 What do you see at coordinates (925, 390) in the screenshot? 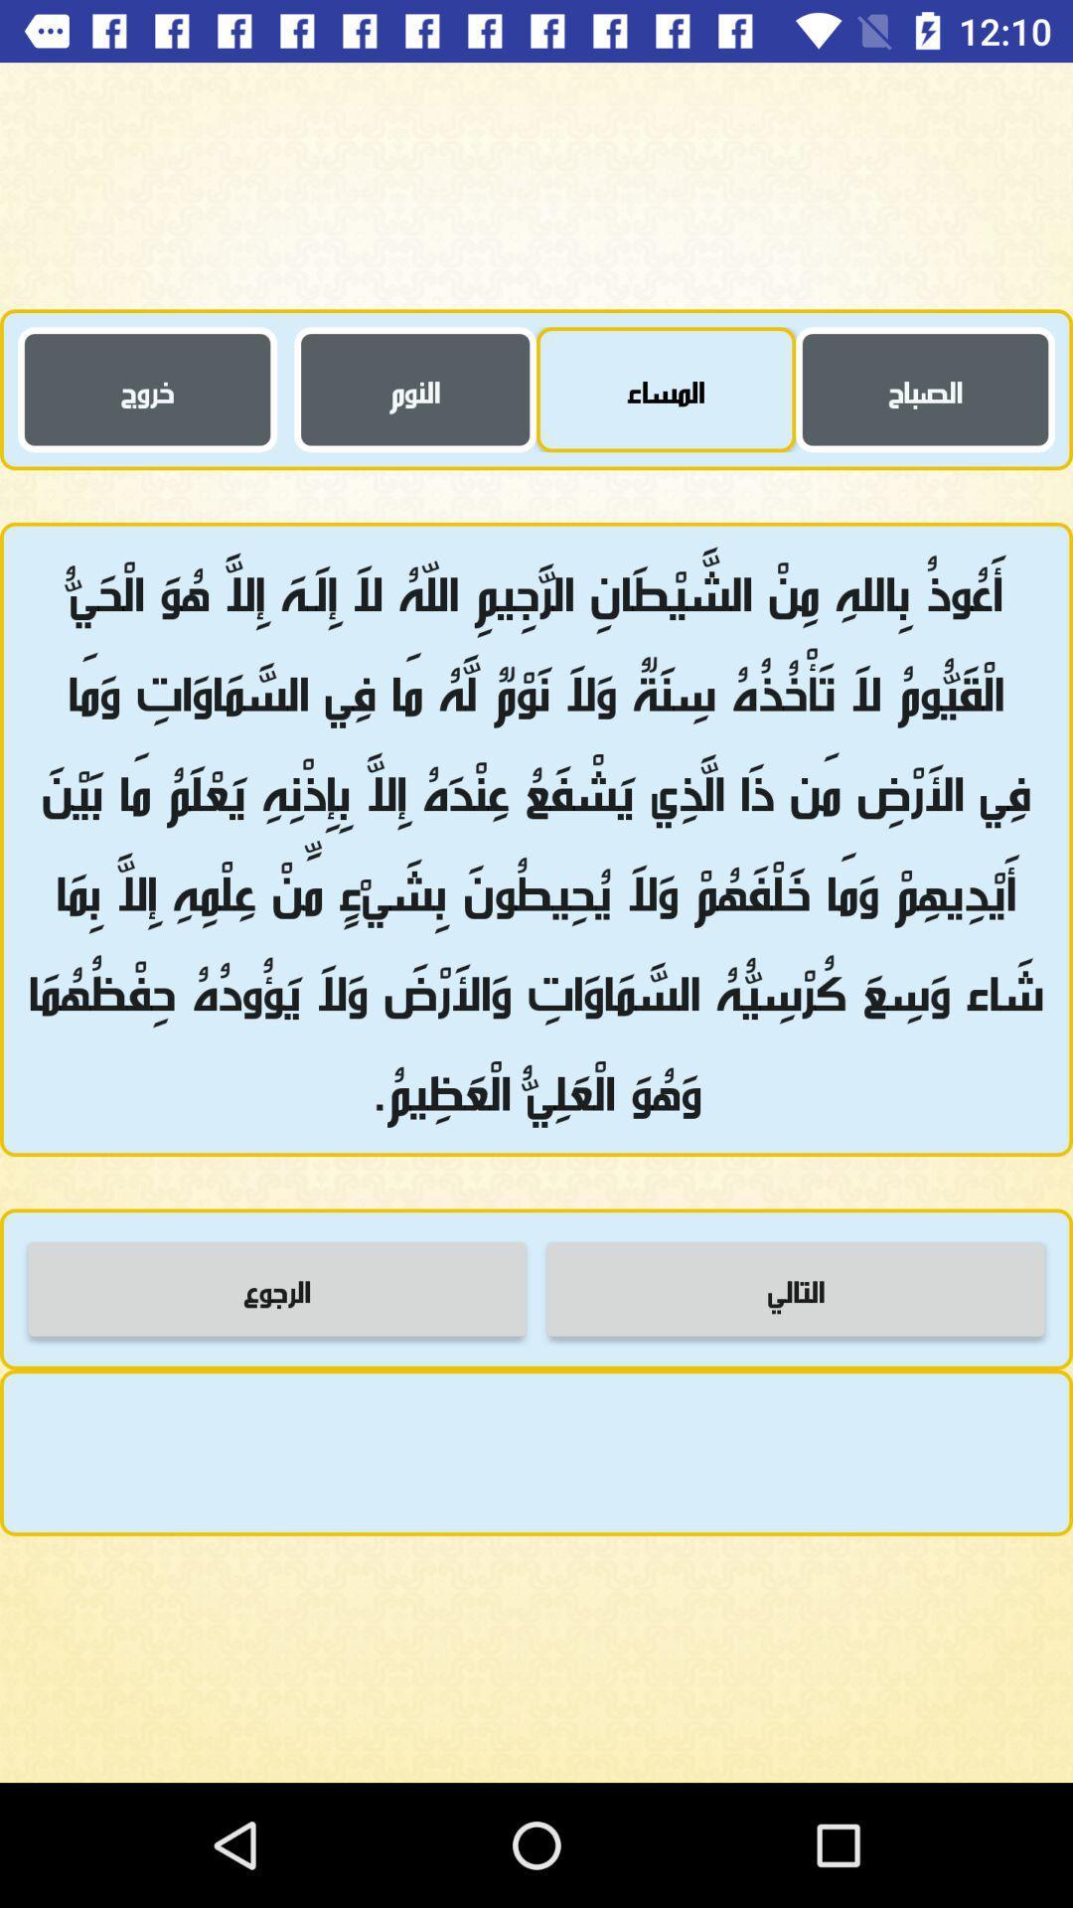
I see `the button at the top right corner` at bounding box center [925, 390].